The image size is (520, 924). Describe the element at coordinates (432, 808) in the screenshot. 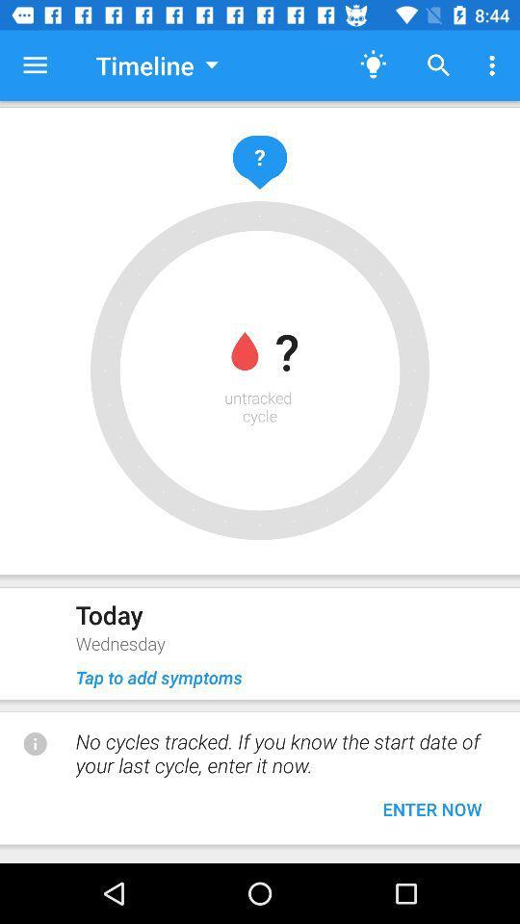

I see `the enter now button at the bottom of the page` at that location.